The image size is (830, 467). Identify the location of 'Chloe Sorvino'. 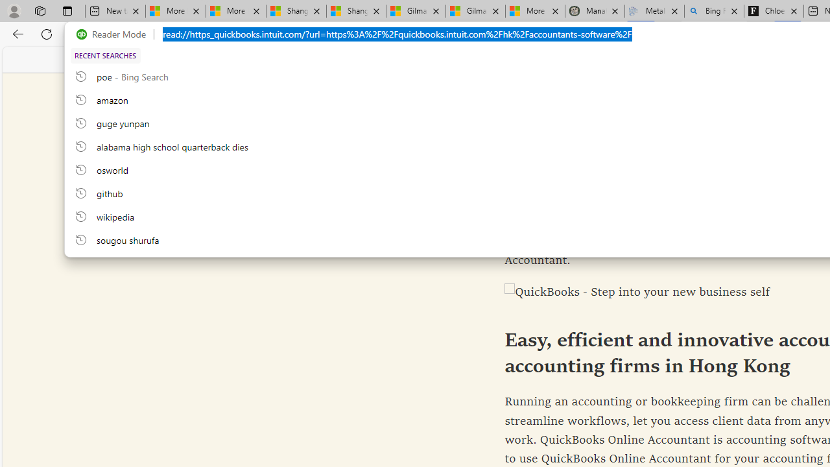
(774, 11).